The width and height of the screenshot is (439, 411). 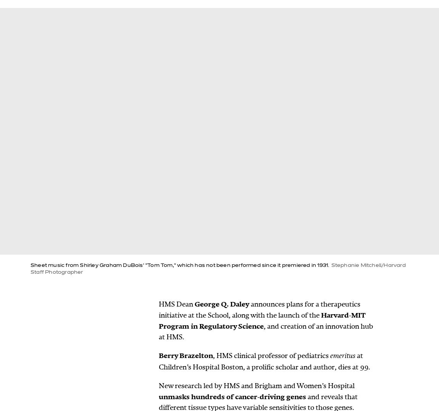 I want to click on 'HMS Dean', so click(x=176, y=303).